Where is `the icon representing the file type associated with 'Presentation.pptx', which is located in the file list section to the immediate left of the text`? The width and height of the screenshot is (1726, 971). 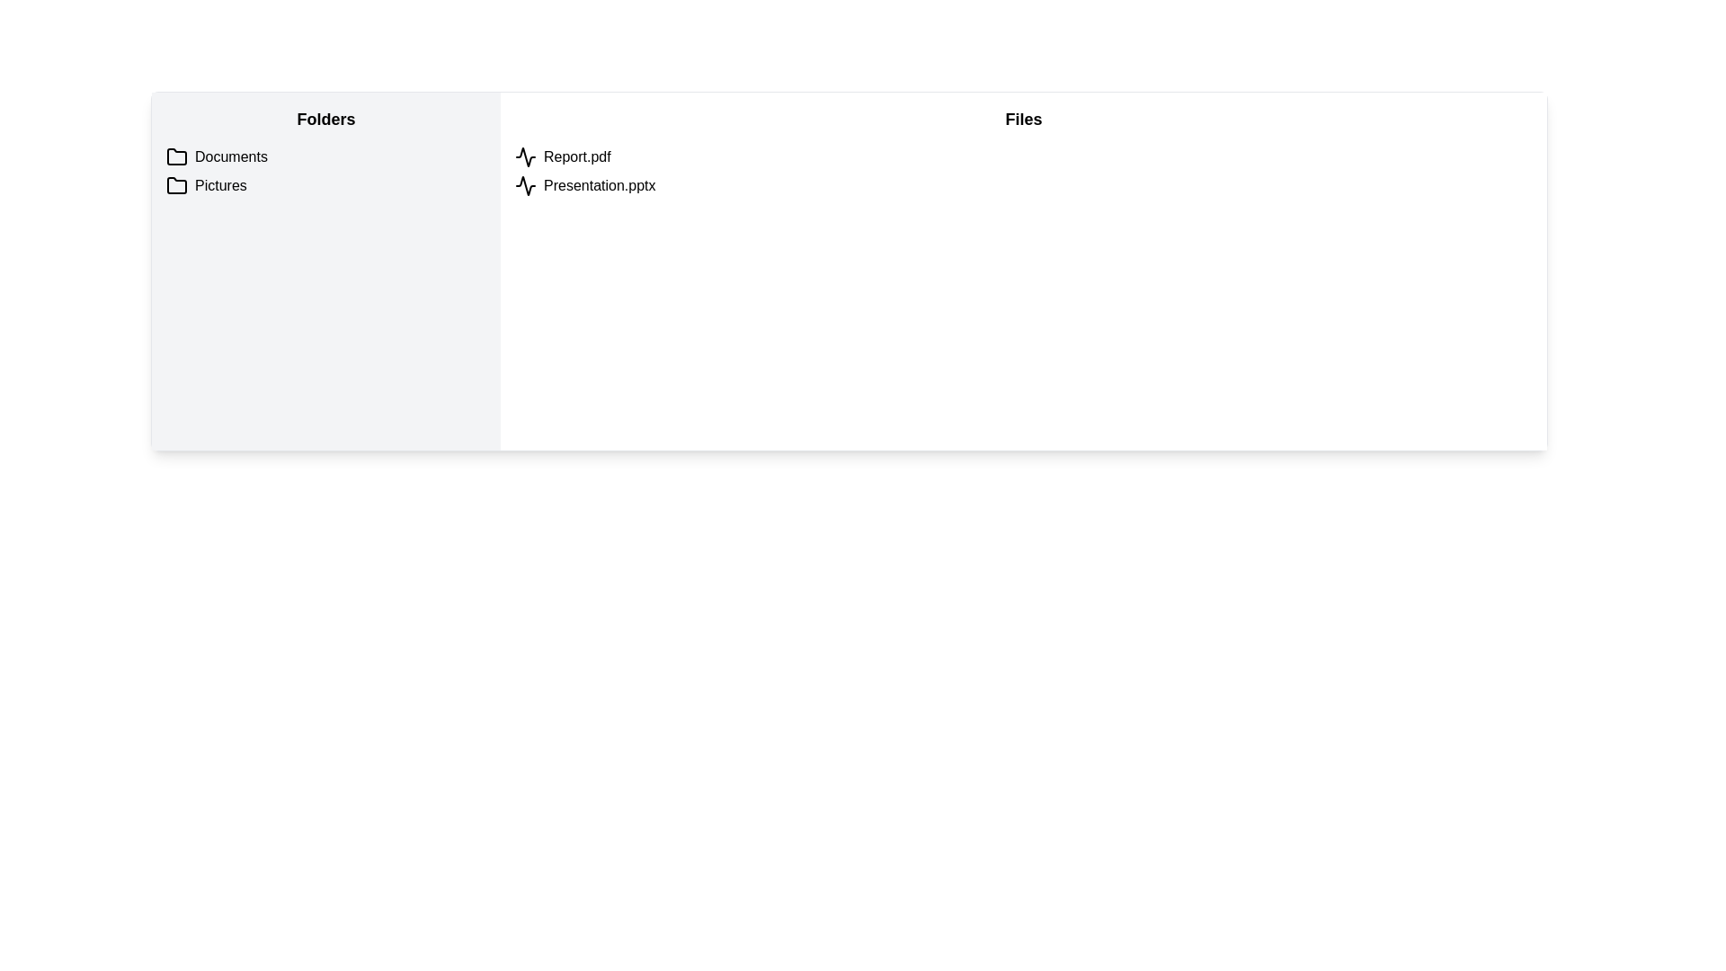 the icon representing the file type associated with 'Presentation.pptx', which is located in the file list section to the immediate left of the text is located at coordinates (525, 186).